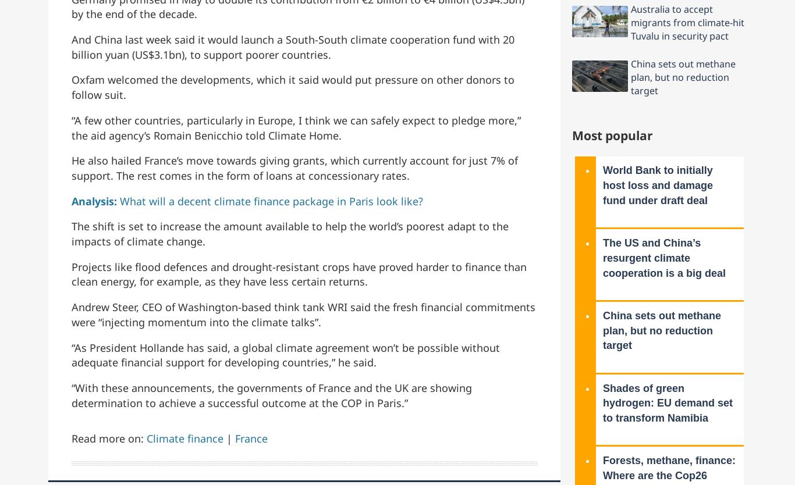 The height and width of the screenshot is (485, 795). I want to click on 'Most popular', so click(612, 134).